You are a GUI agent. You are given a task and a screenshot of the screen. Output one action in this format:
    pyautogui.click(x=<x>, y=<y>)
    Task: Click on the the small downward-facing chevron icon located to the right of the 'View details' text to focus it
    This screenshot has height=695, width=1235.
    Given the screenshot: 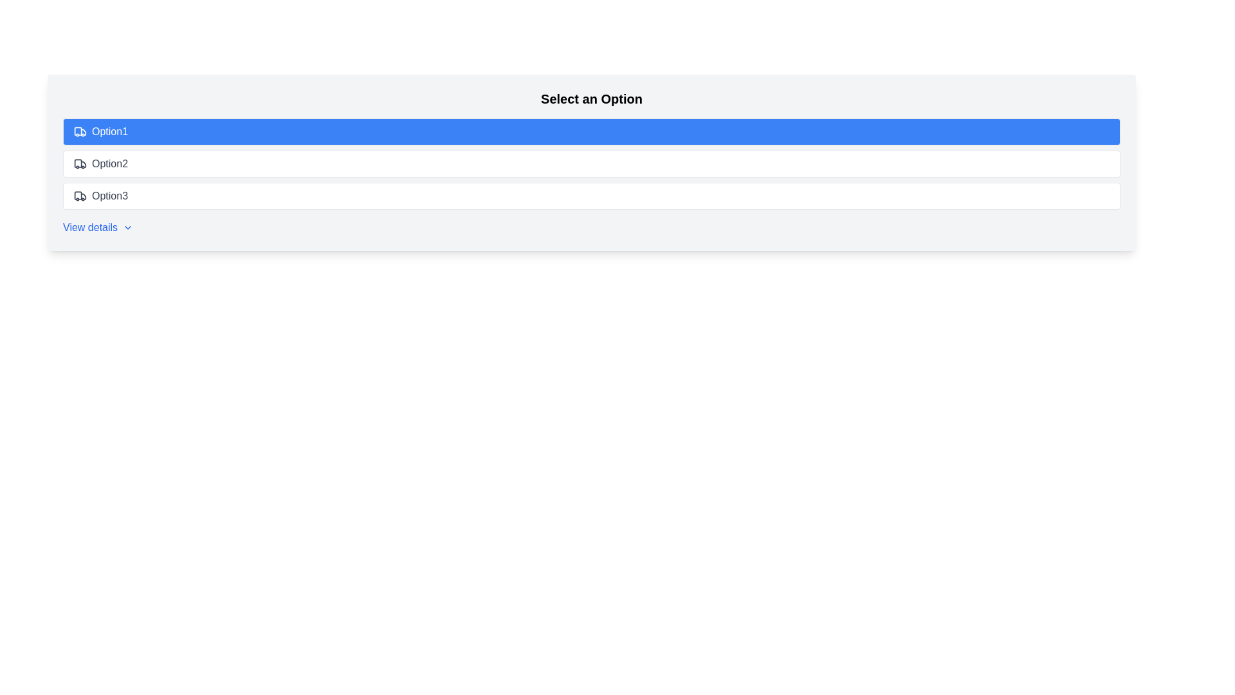 What is the action you would take?
    pyautogui.click(x=128, y=227)
    